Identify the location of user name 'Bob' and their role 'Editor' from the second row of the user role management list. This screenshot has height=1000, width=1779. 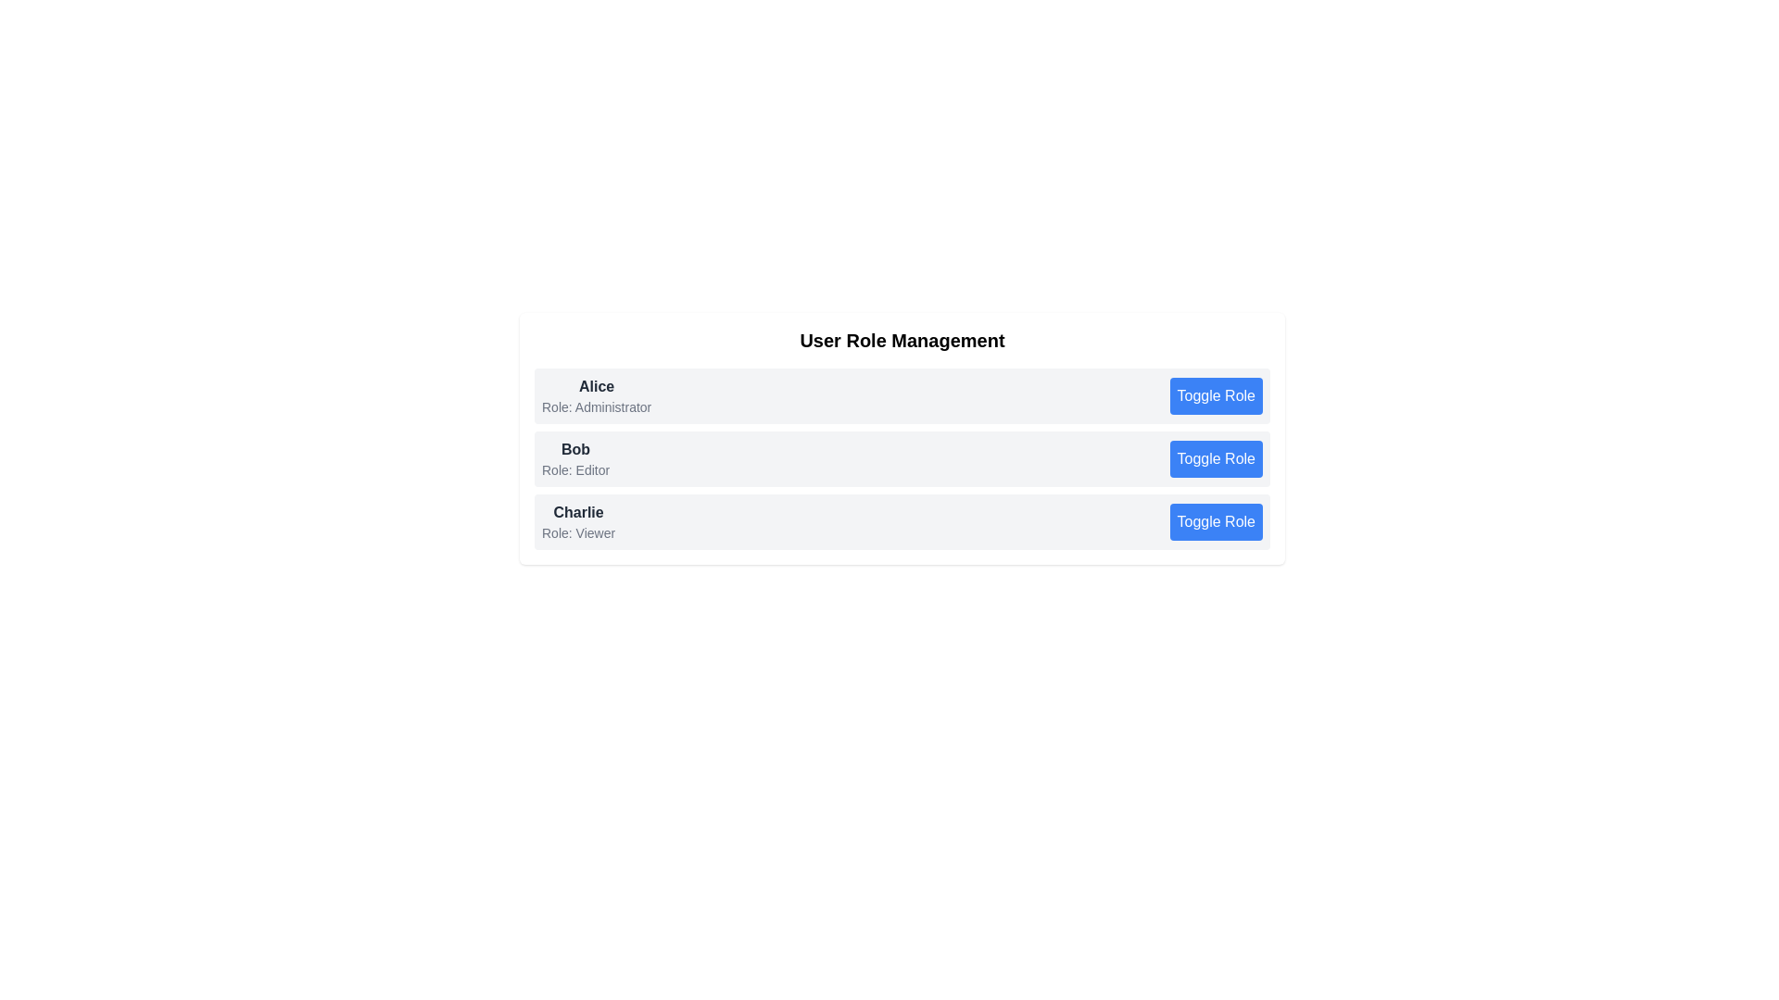
(902, 458).